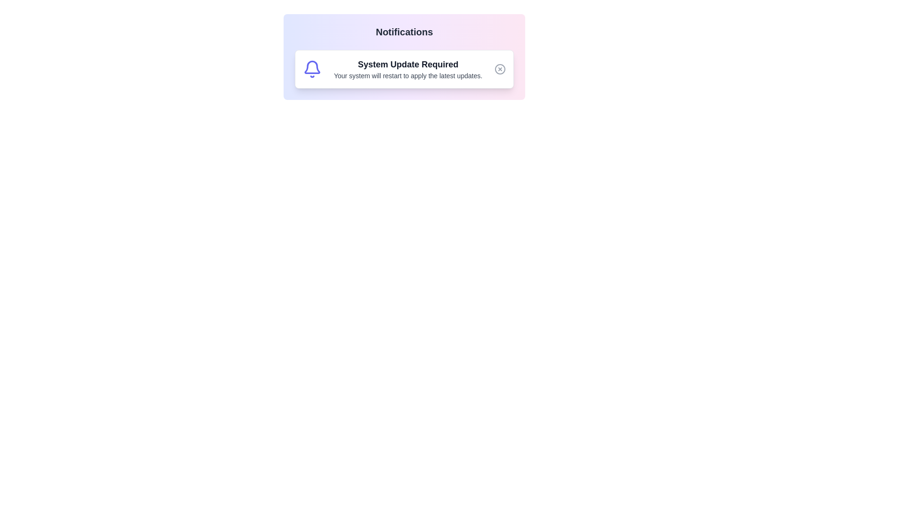 The image size is (906, 509). What do you see at coordinates (500, 68) in the screenshot?
I see `the circular dismiss button with an 'X' symbol located to the right of the notification text 'Your system will restart to apply the latest updates.'` at bounding box center [500, 68].